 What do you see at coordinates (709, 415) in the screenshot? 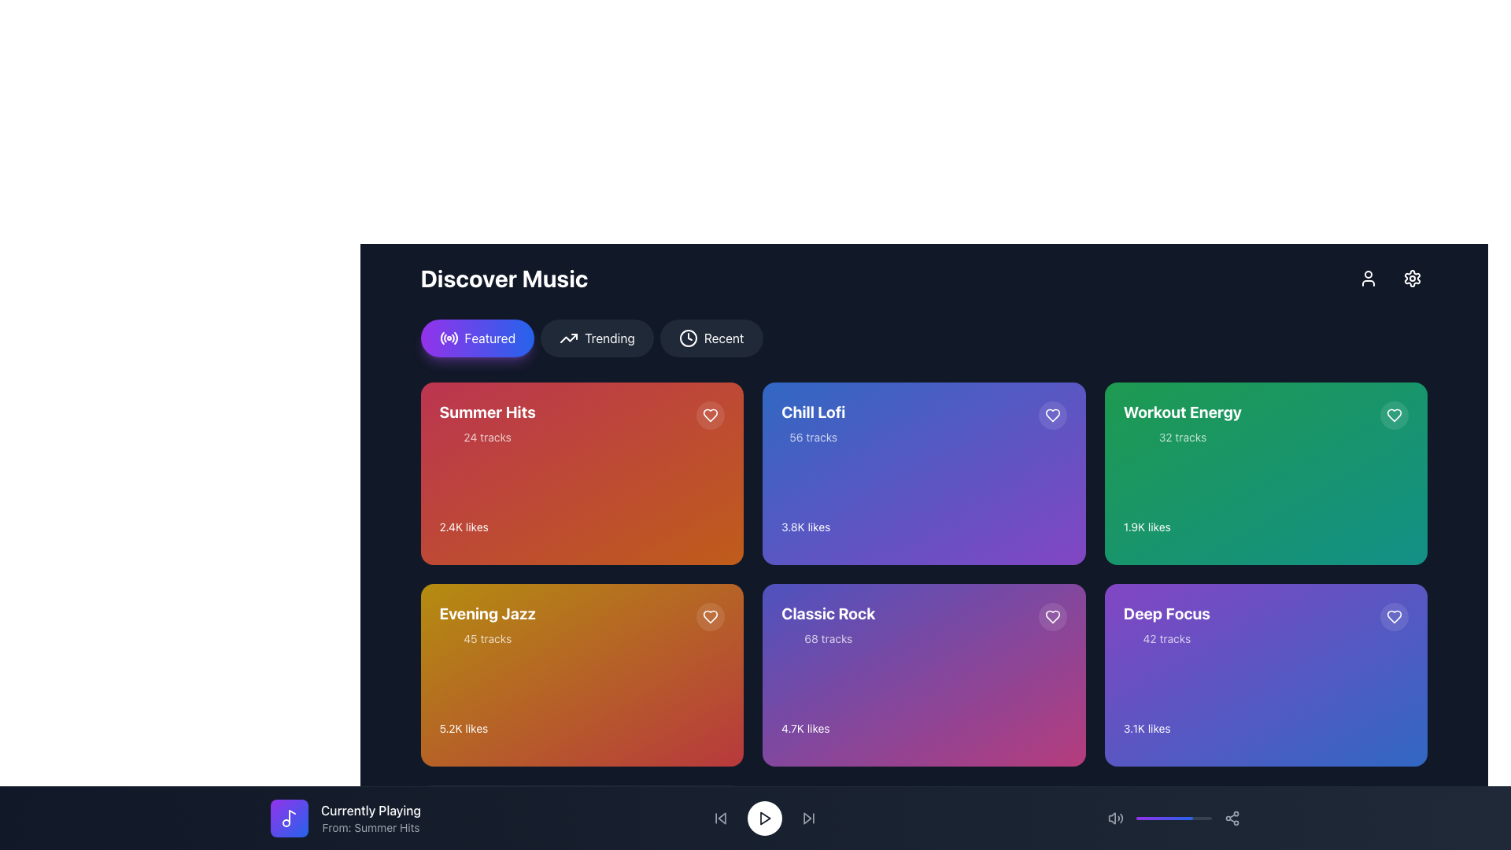
I see `the heart icon located at the top-right corner of the 'Summer Hits' music card` at bounding box center [709, 415].